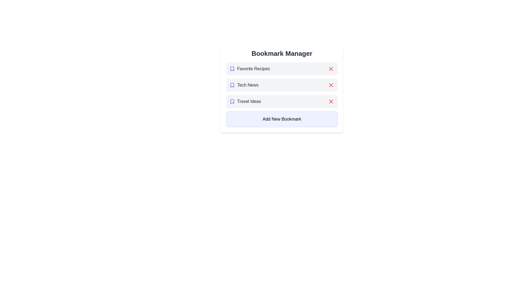  What do you see at coordinates (282, 85) in the screenshot?
I see `the bookmark titled Tech News to highlight it` at bounding box center [282, 85].